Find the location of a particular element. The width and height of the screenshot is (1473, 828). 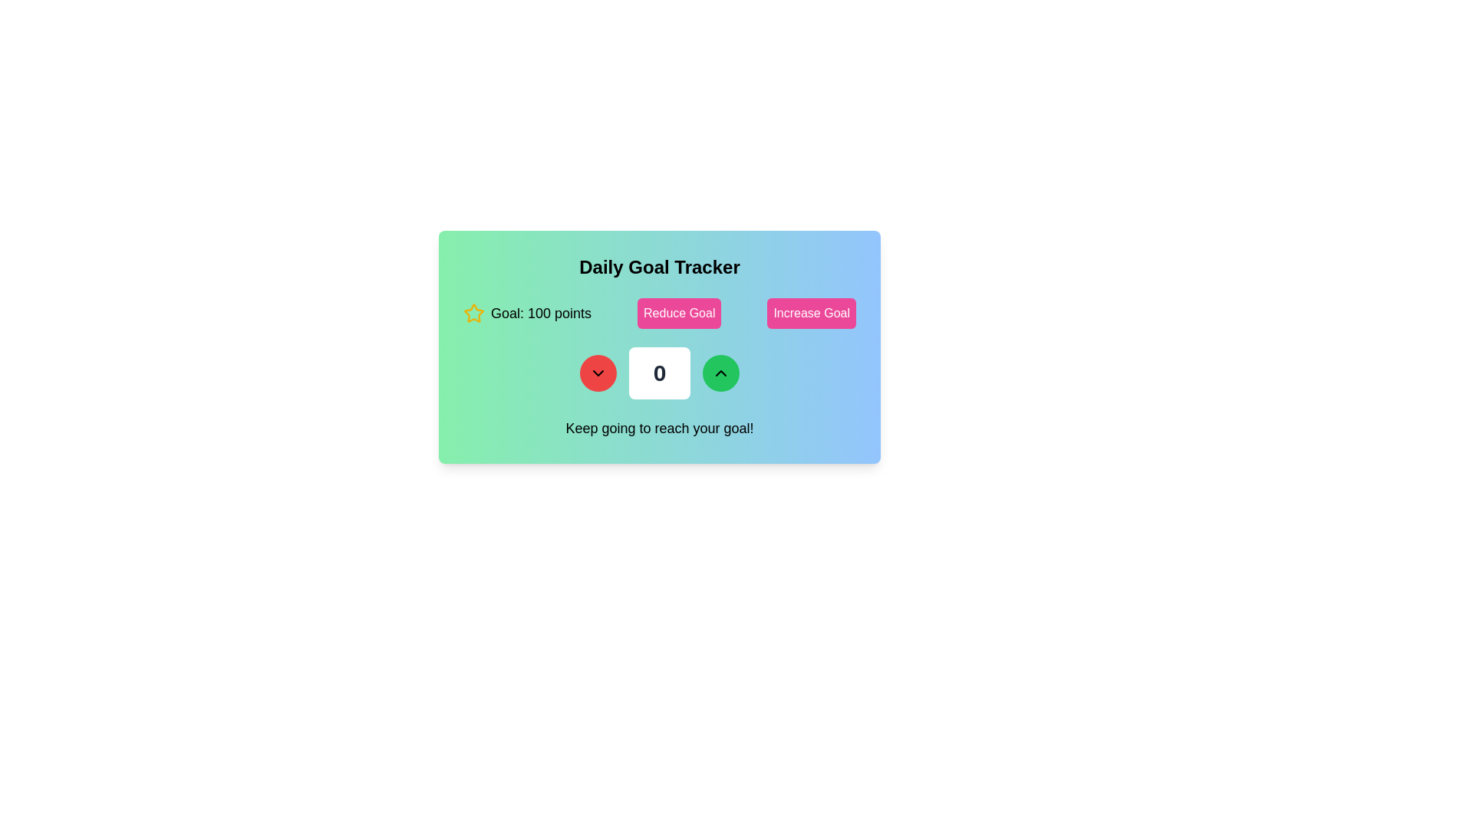

the text display showing 'Goal: 100 points', which is located immediately to the right of a small yellow star icon in the colorful header section is located at coordinates (541, 312).